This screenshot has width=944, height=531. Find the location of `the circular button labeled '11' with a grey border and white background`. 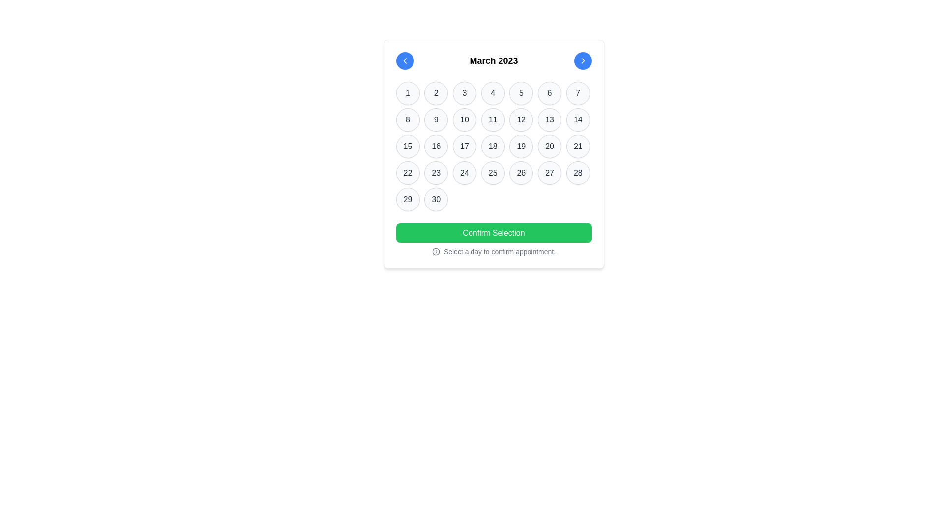

the circular button labeled '11' with a grey border and white background is located at coordinates (493, 119).